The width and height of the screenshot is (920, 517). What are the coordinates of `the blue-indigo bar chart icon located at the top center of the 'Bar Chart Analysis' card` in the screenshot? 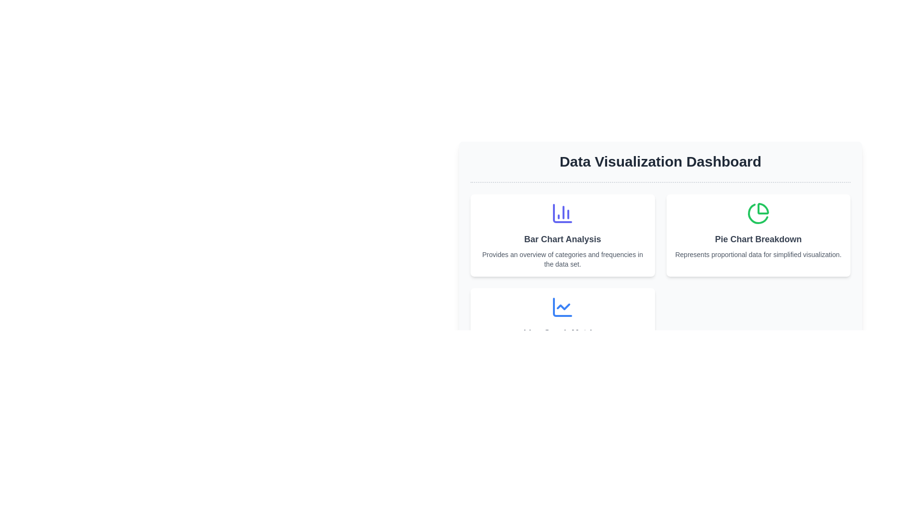 It's located at (563, 213).